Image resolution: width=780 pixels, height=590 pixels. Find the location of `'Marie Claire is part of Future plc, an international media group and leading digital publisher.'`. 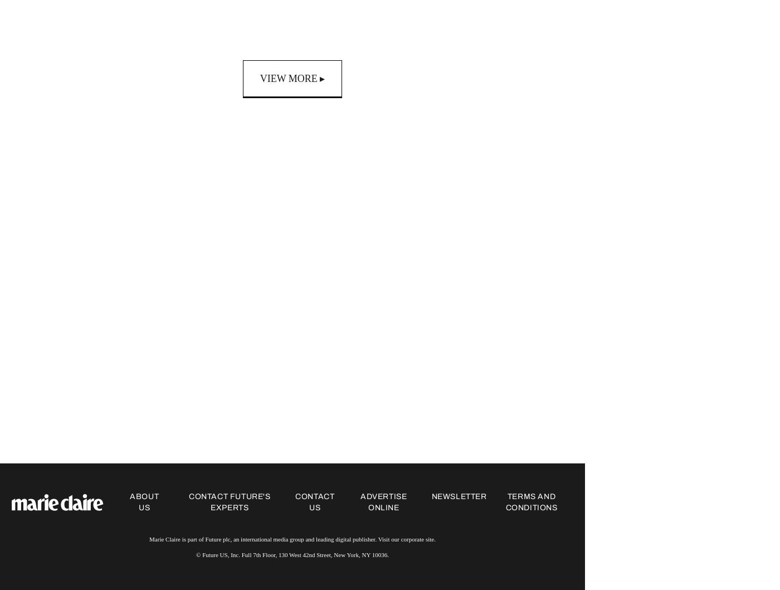

'Marie Claire is part of Future plc, an international media group and leading digital publisher.' is located at coordinates (264, 539).